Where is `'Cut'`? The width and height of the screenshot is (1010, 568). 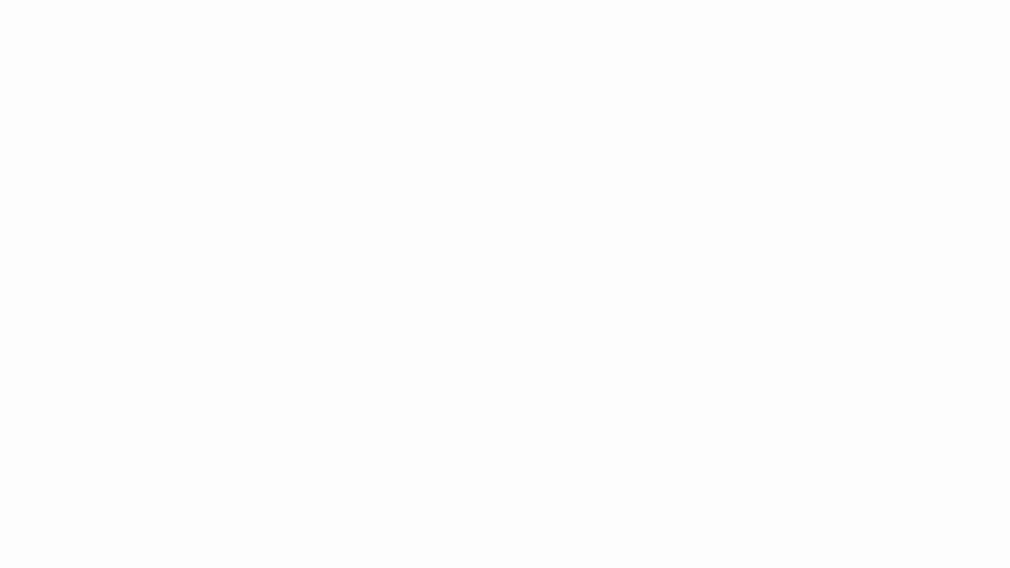
'Cut' is located at coordinates (58, 62).